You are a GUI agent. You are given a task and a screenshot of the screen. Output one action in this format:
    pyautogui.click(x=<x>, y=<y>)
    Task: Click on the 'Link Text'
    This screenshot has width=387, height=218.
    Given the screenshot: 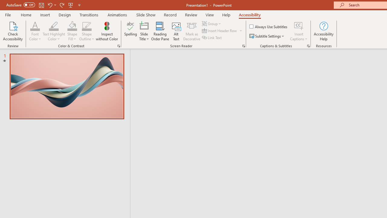 What is the action you would take?
    pyautogui.click(x=212, y=38)
    